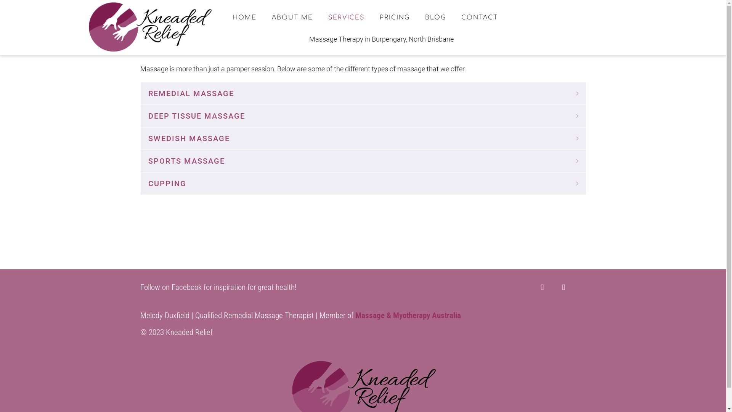 The image size is (732, 412). Describe the element at coordinates (244, 17) in the screenshot. I see `'HOME'` at that location.